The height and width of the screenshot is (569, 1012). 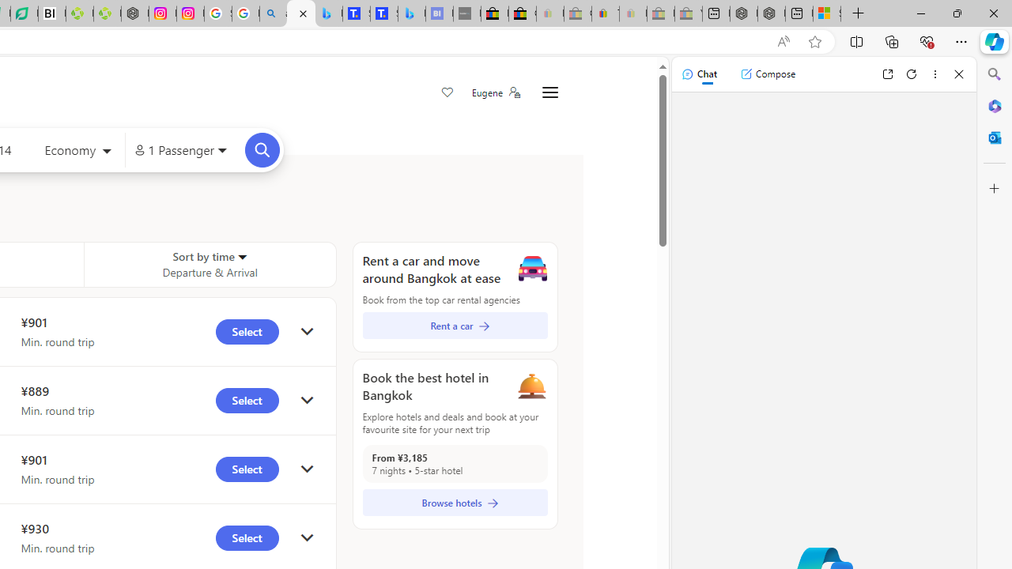 I want to click on 'Browse hotels', so click(x=454, y=503).